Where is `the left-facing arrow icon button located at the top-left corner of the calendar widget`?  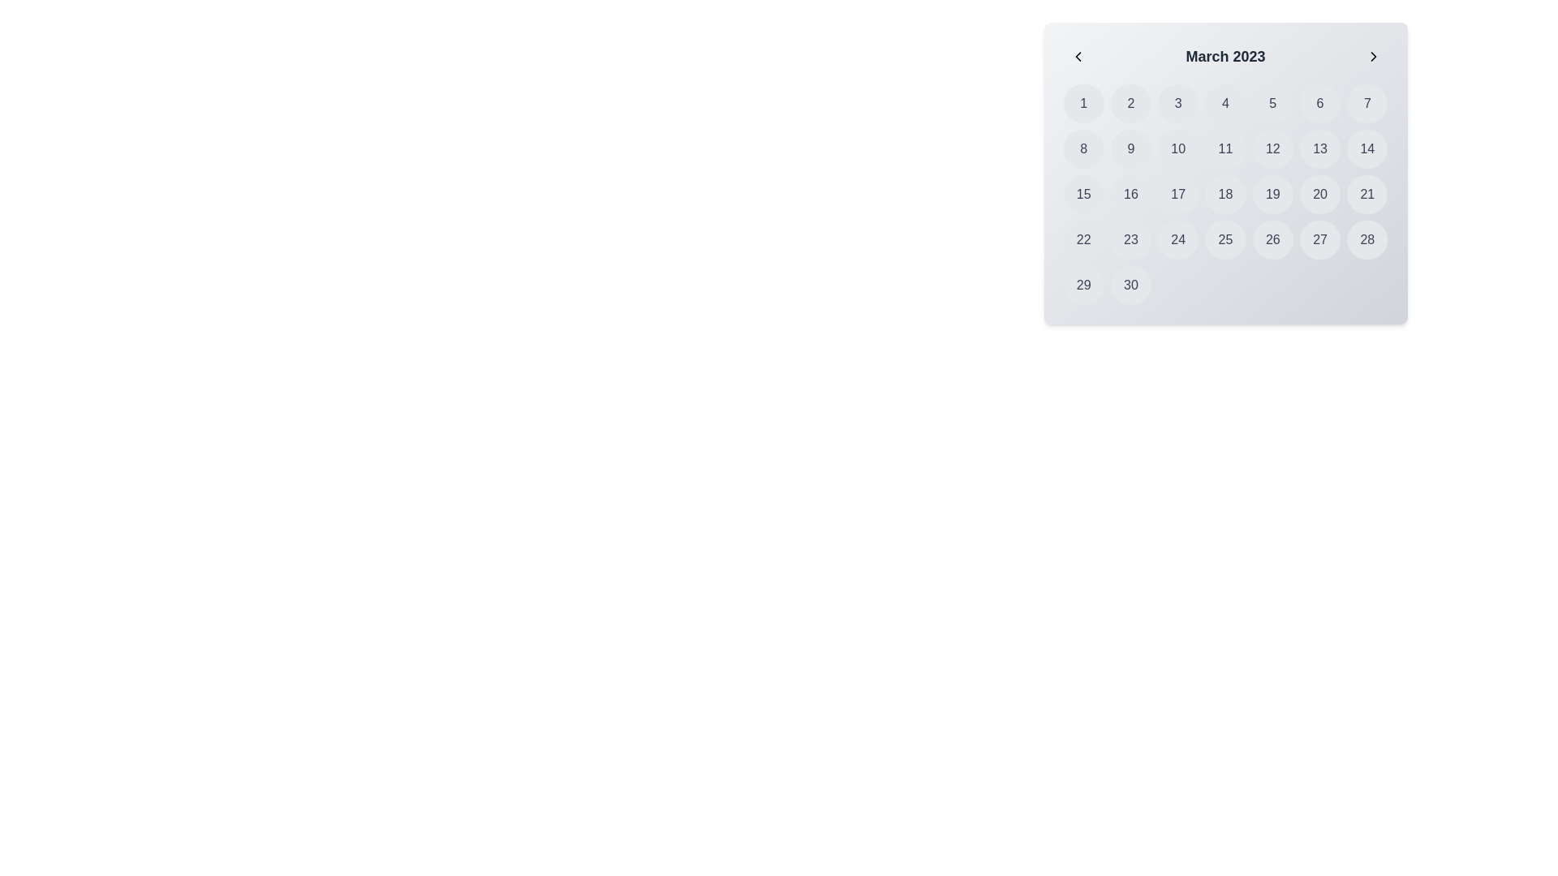 the left-facing arrow icon button located at the top-left corner of the calendar widget is located at coordinates (1078, 55).